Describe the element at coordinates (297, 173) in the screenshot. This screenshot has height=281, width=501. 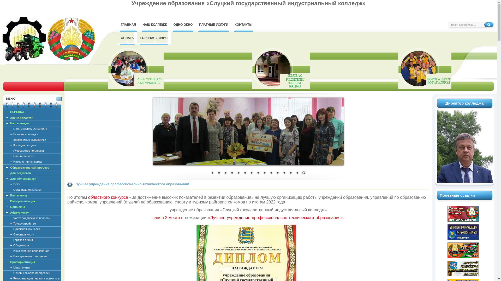
I see `'14'` at that location.